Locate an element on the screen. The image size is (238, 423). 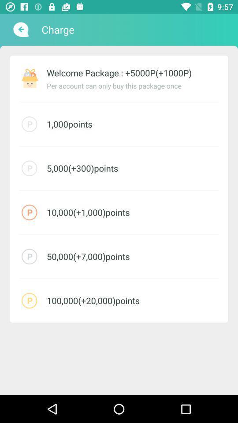
the arrow_backward icon is located at coordinates (20, 30).